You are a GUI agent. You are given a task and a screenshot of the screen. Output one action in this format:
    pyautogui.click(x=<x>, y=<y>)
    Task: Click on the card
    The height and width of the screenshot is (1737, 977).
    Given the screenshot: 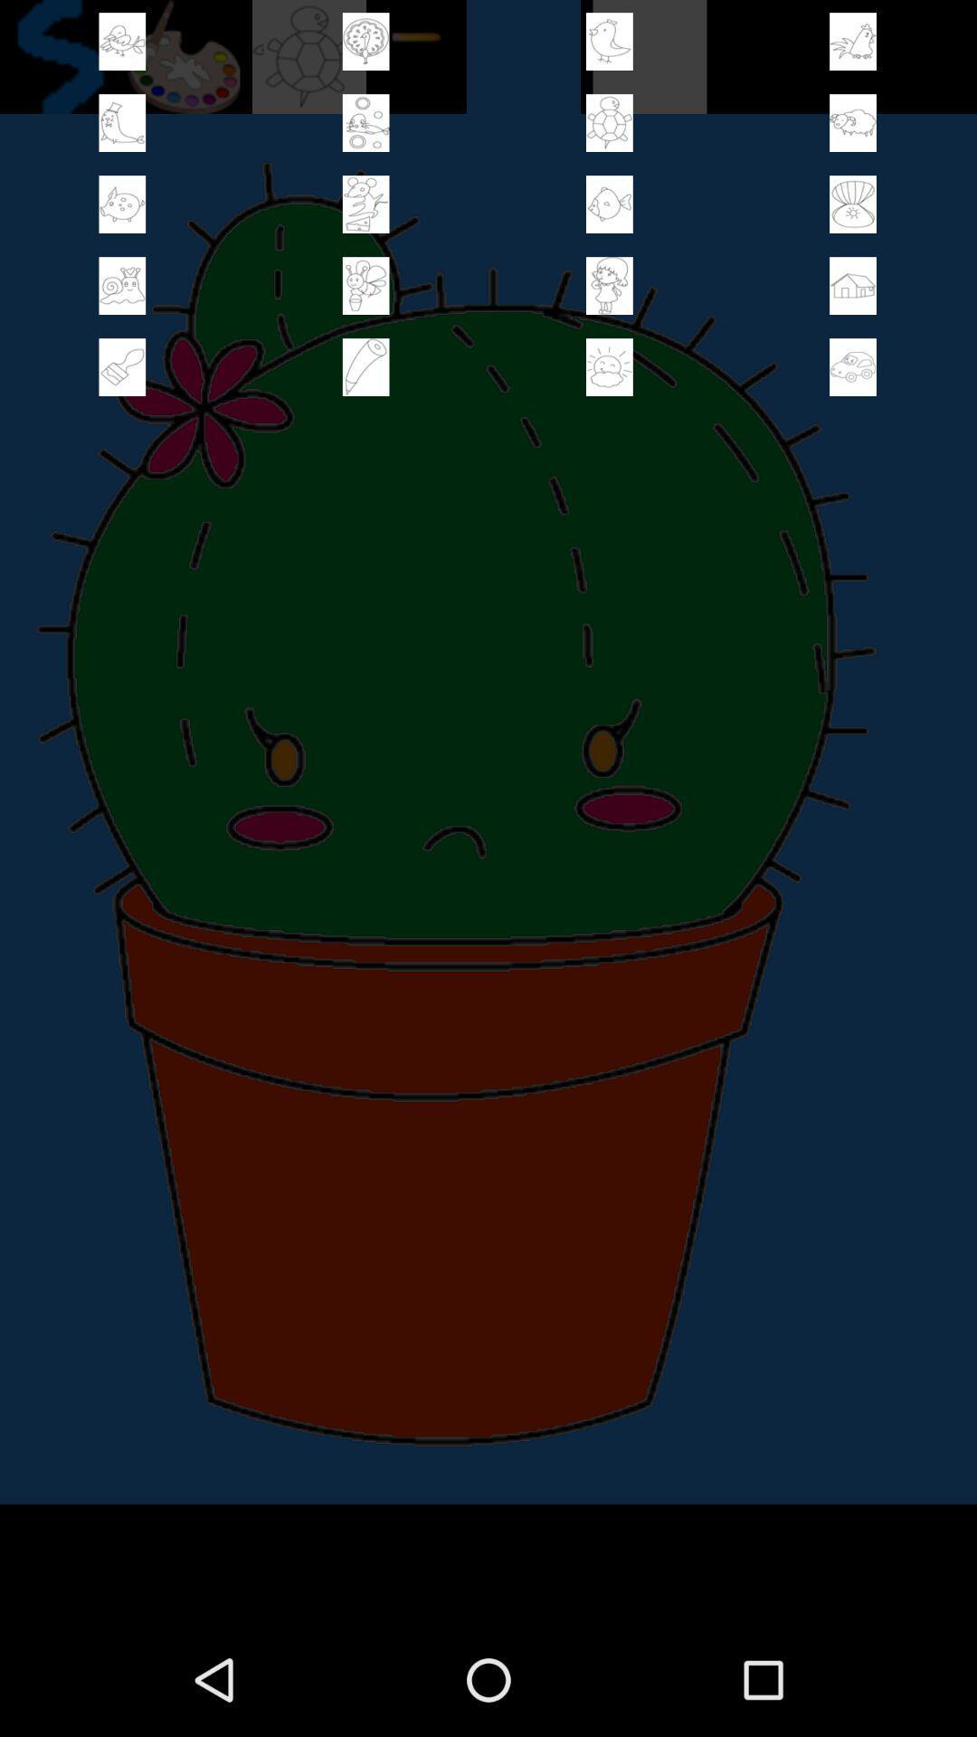 What is the action you would take?
    pyautogui.click(x=365, y=366)
    